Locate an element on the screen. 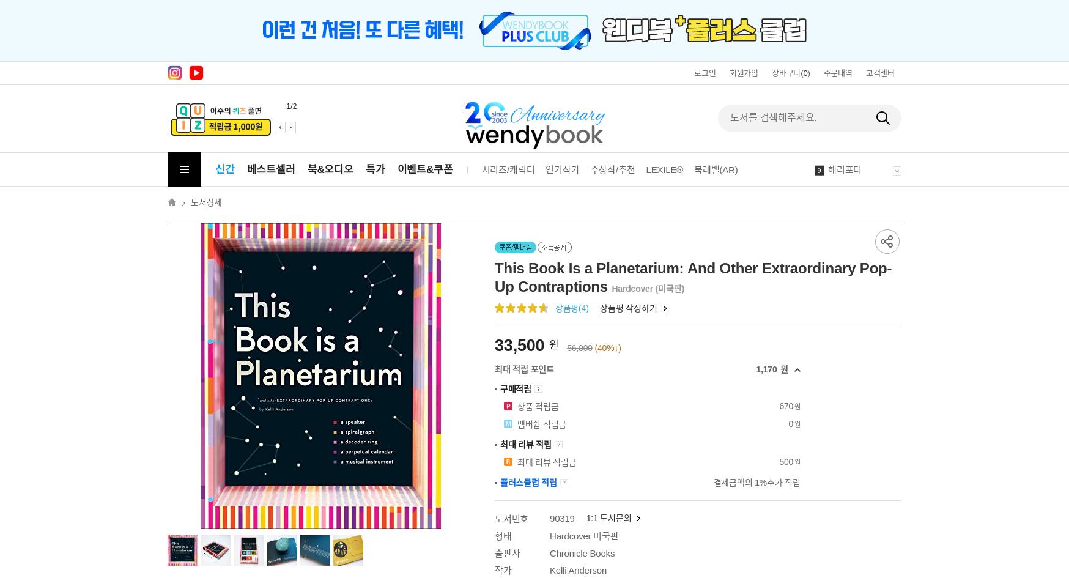 This screenshot has width=1069, height=578. 'LEXILE®' is located at coordinates (645, 169).